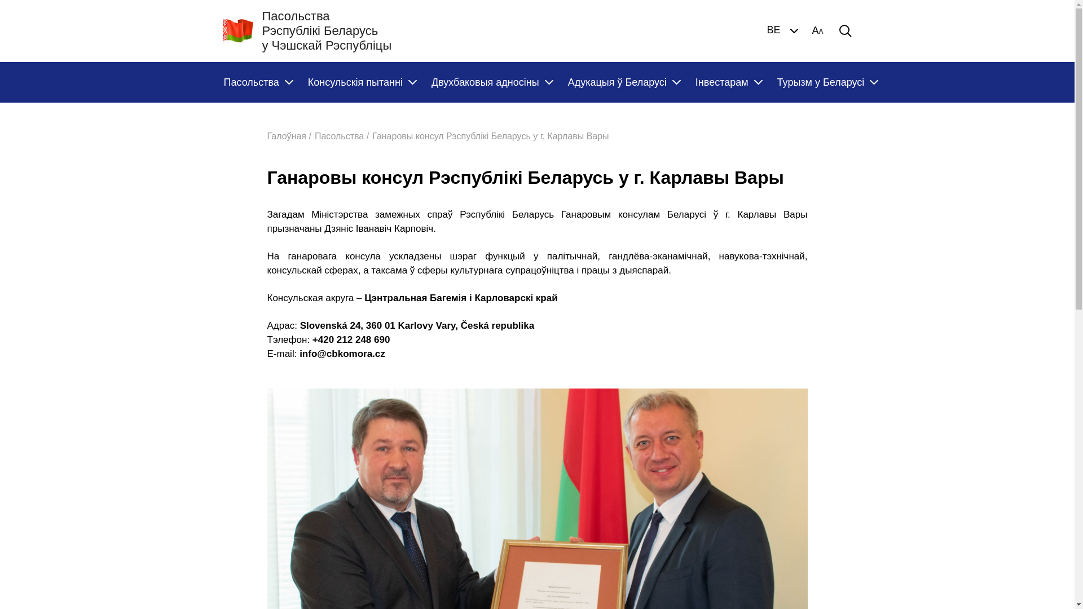 This screenshot has height=609, width=1083. I want to click on 'AA', so click(817, 30).